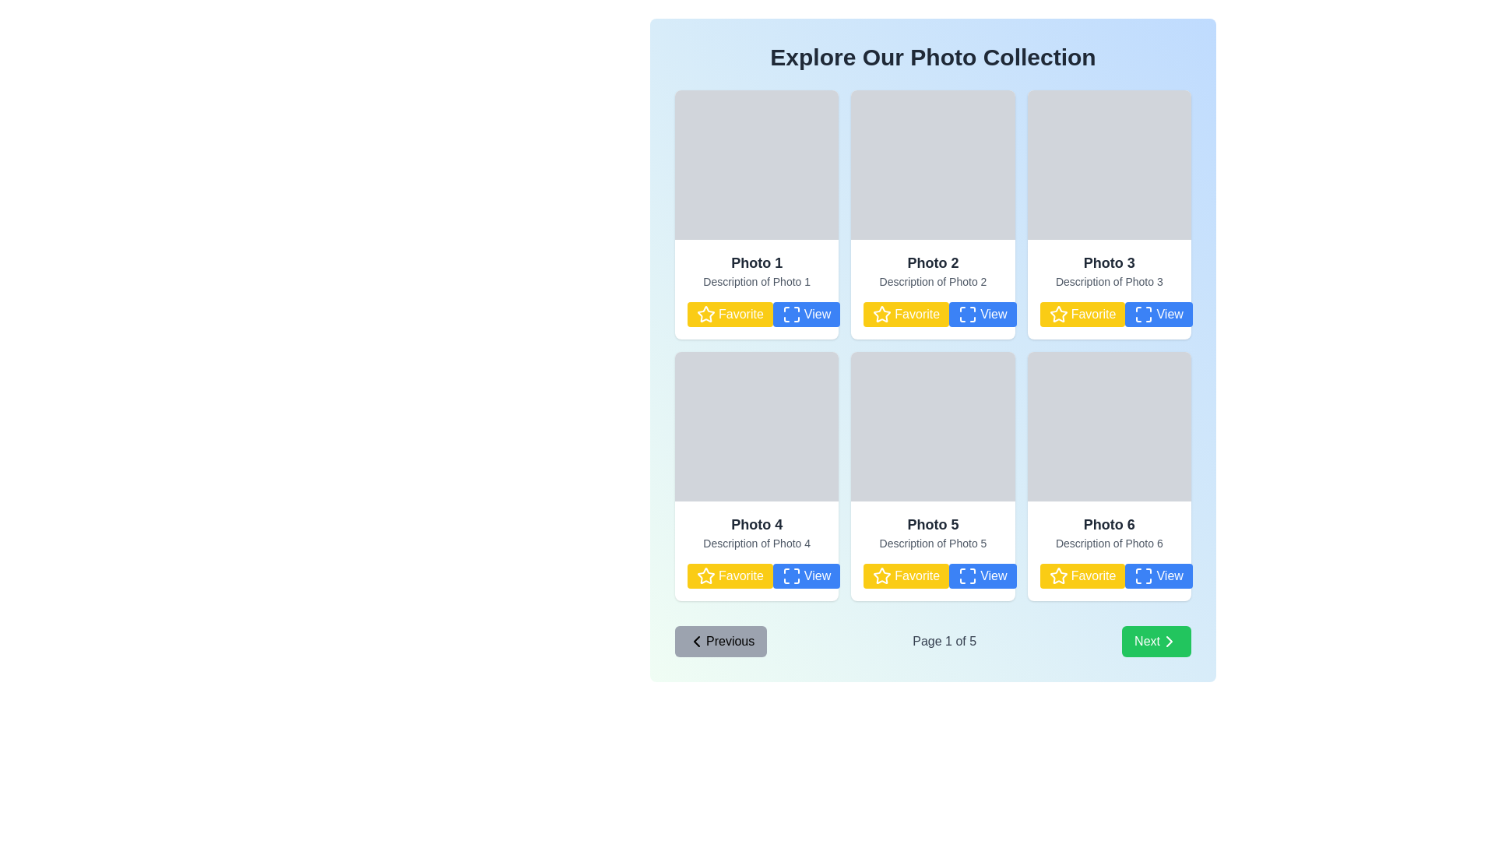  Describe the element at coordinates (982, 315) in the screenshot. I see `the 'View' button located to the right of the 'Favorite' button, which is intended` at that location.